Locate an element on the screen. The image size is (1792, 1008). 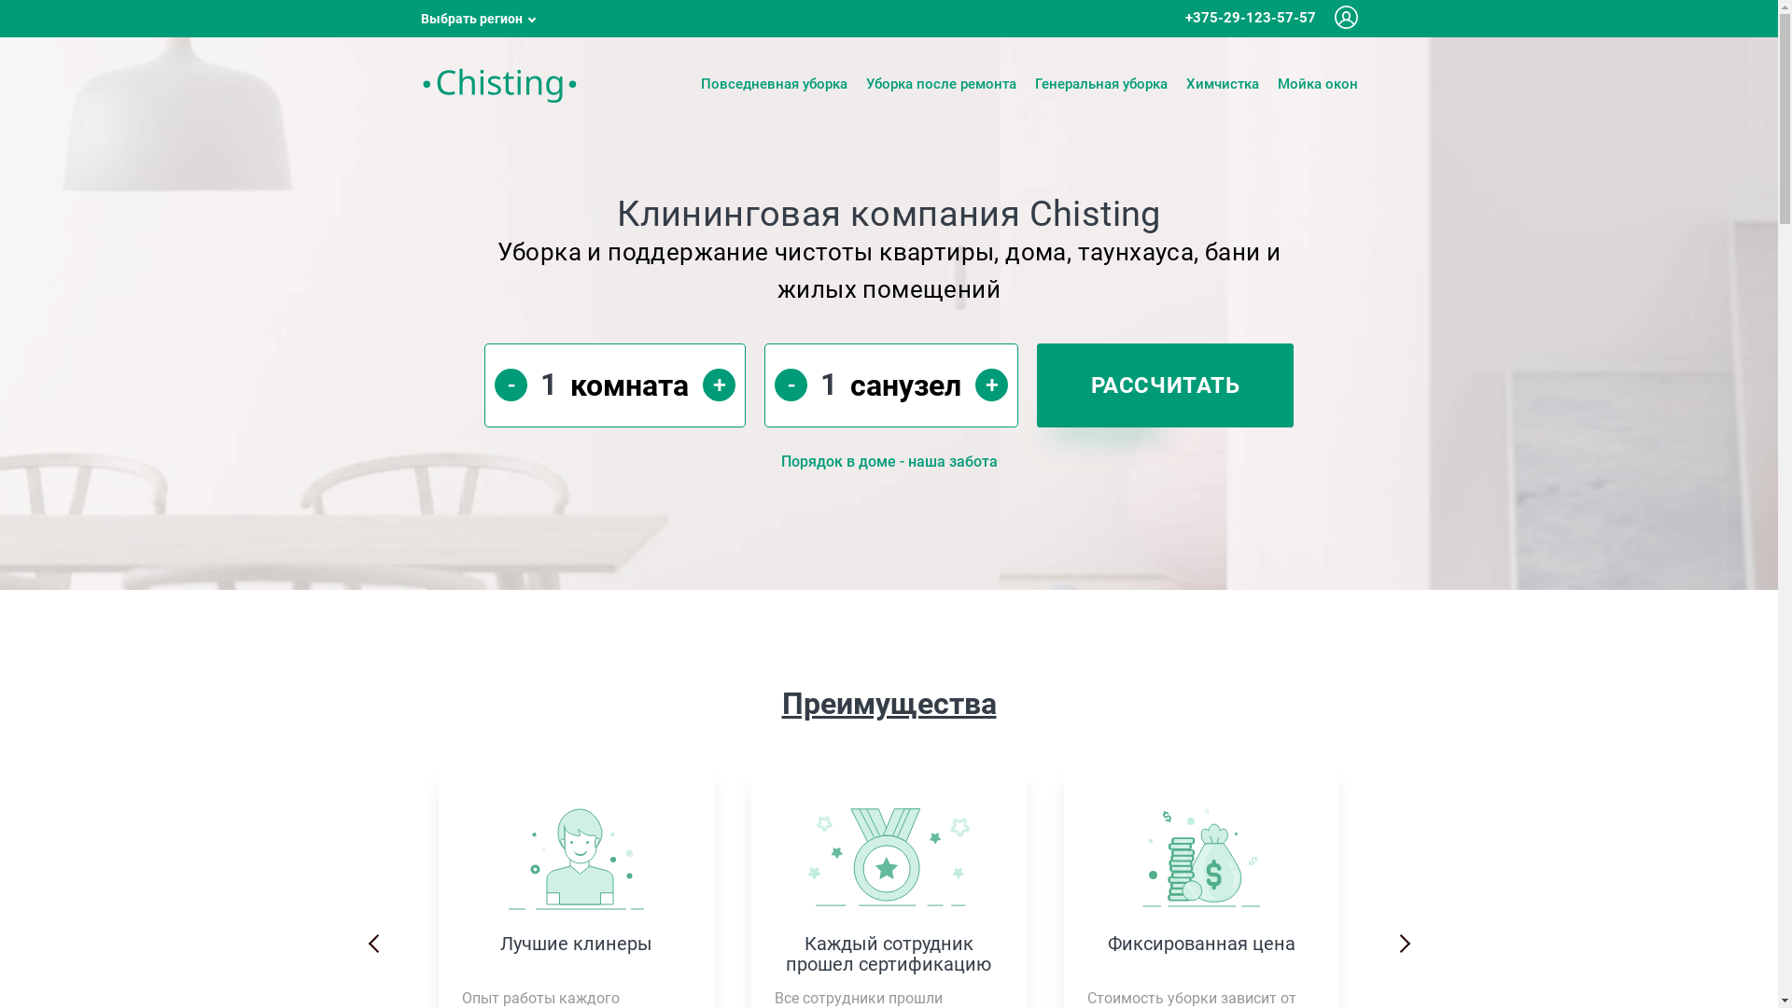
'-' is located at coordinates (791, 384).